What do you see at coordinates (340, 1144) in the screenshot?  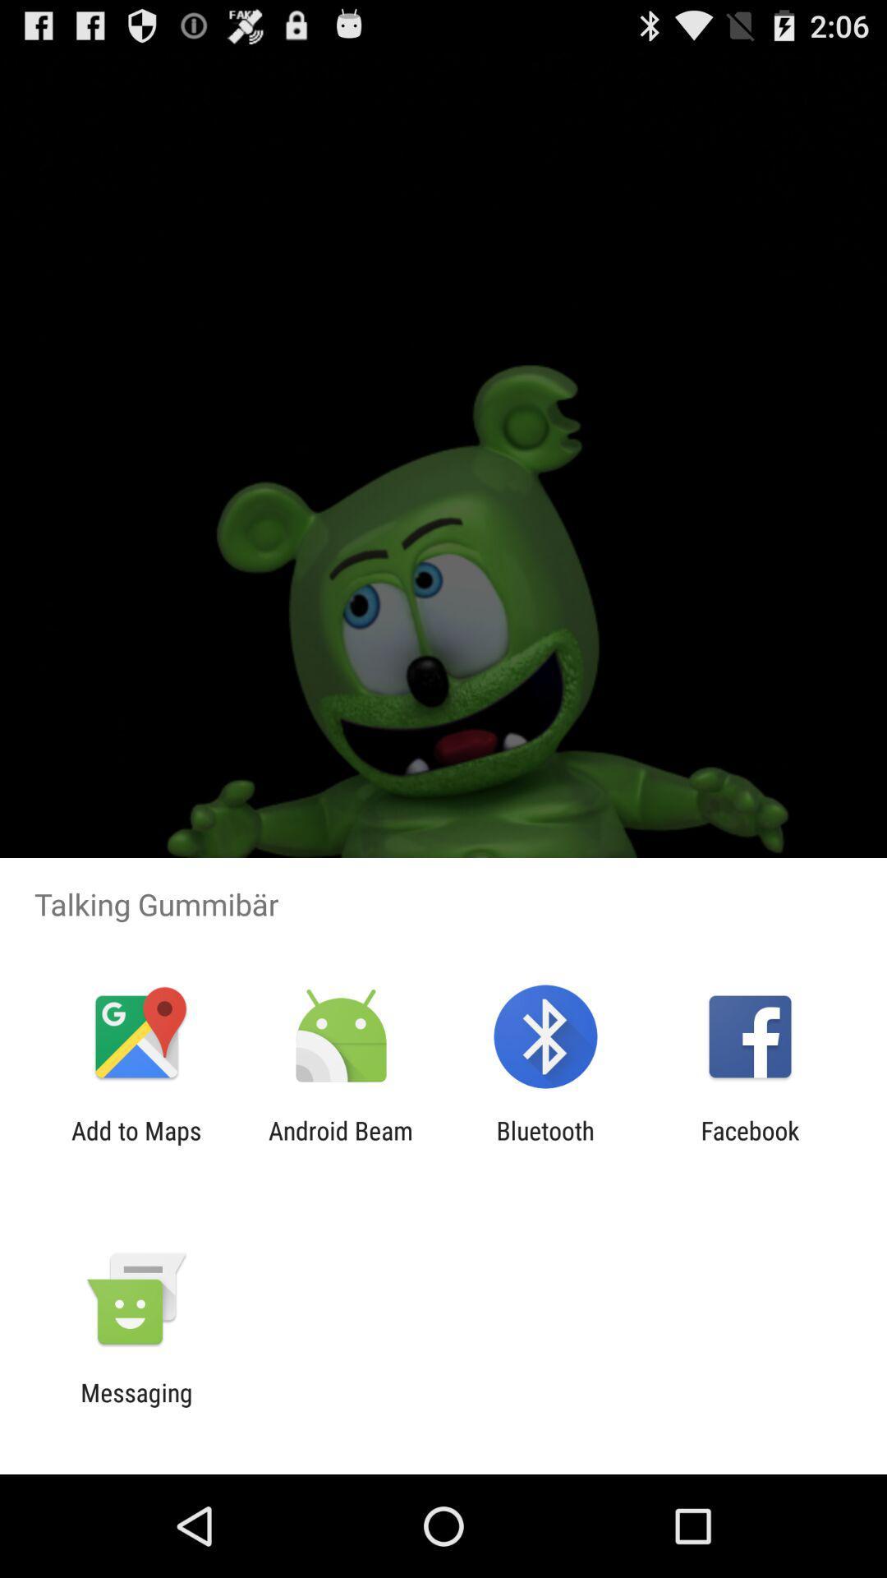 I see `the icon to the right of add to maps item` at bounding box center [340, 1144].